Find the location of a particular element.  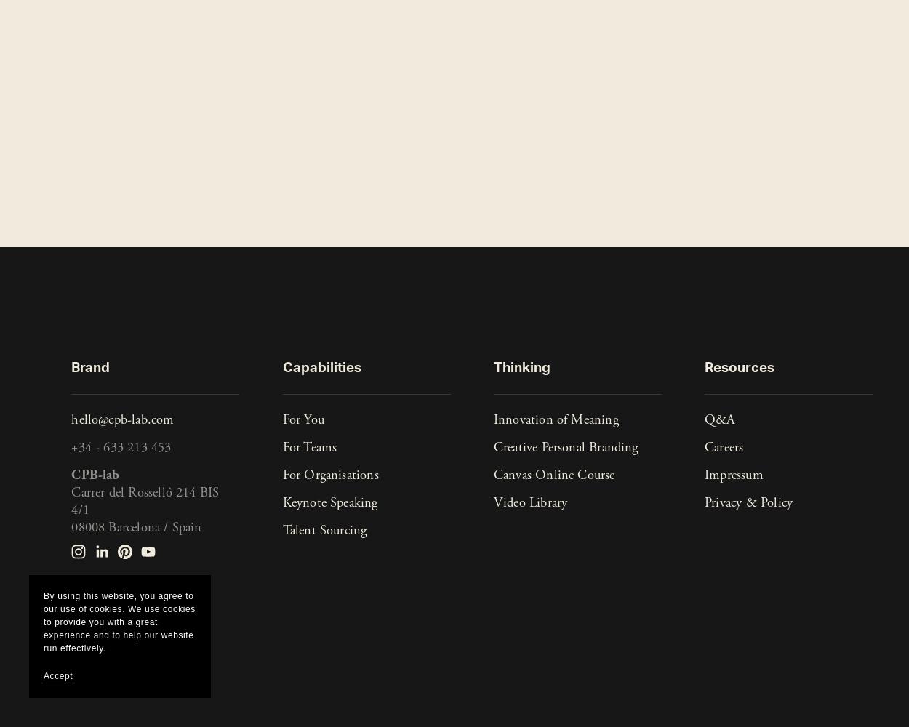

'Accept' is located at coordinates (57, 676).